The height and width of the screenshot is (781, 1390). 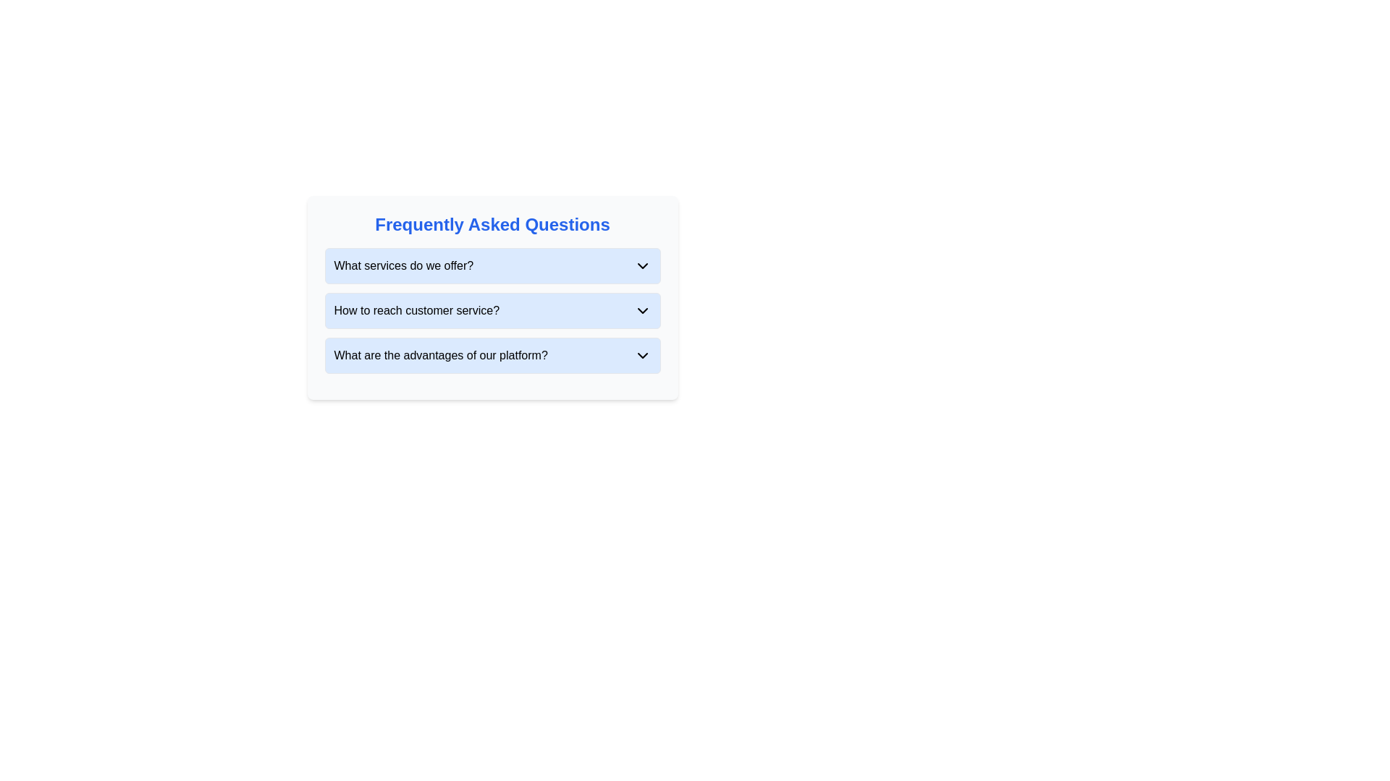 I want to click on the downward pointing chevron icon located to the right of the text 'What services do we offer?' in the first row of the Frequently Asked Questions section, so click(x=641, y=265).